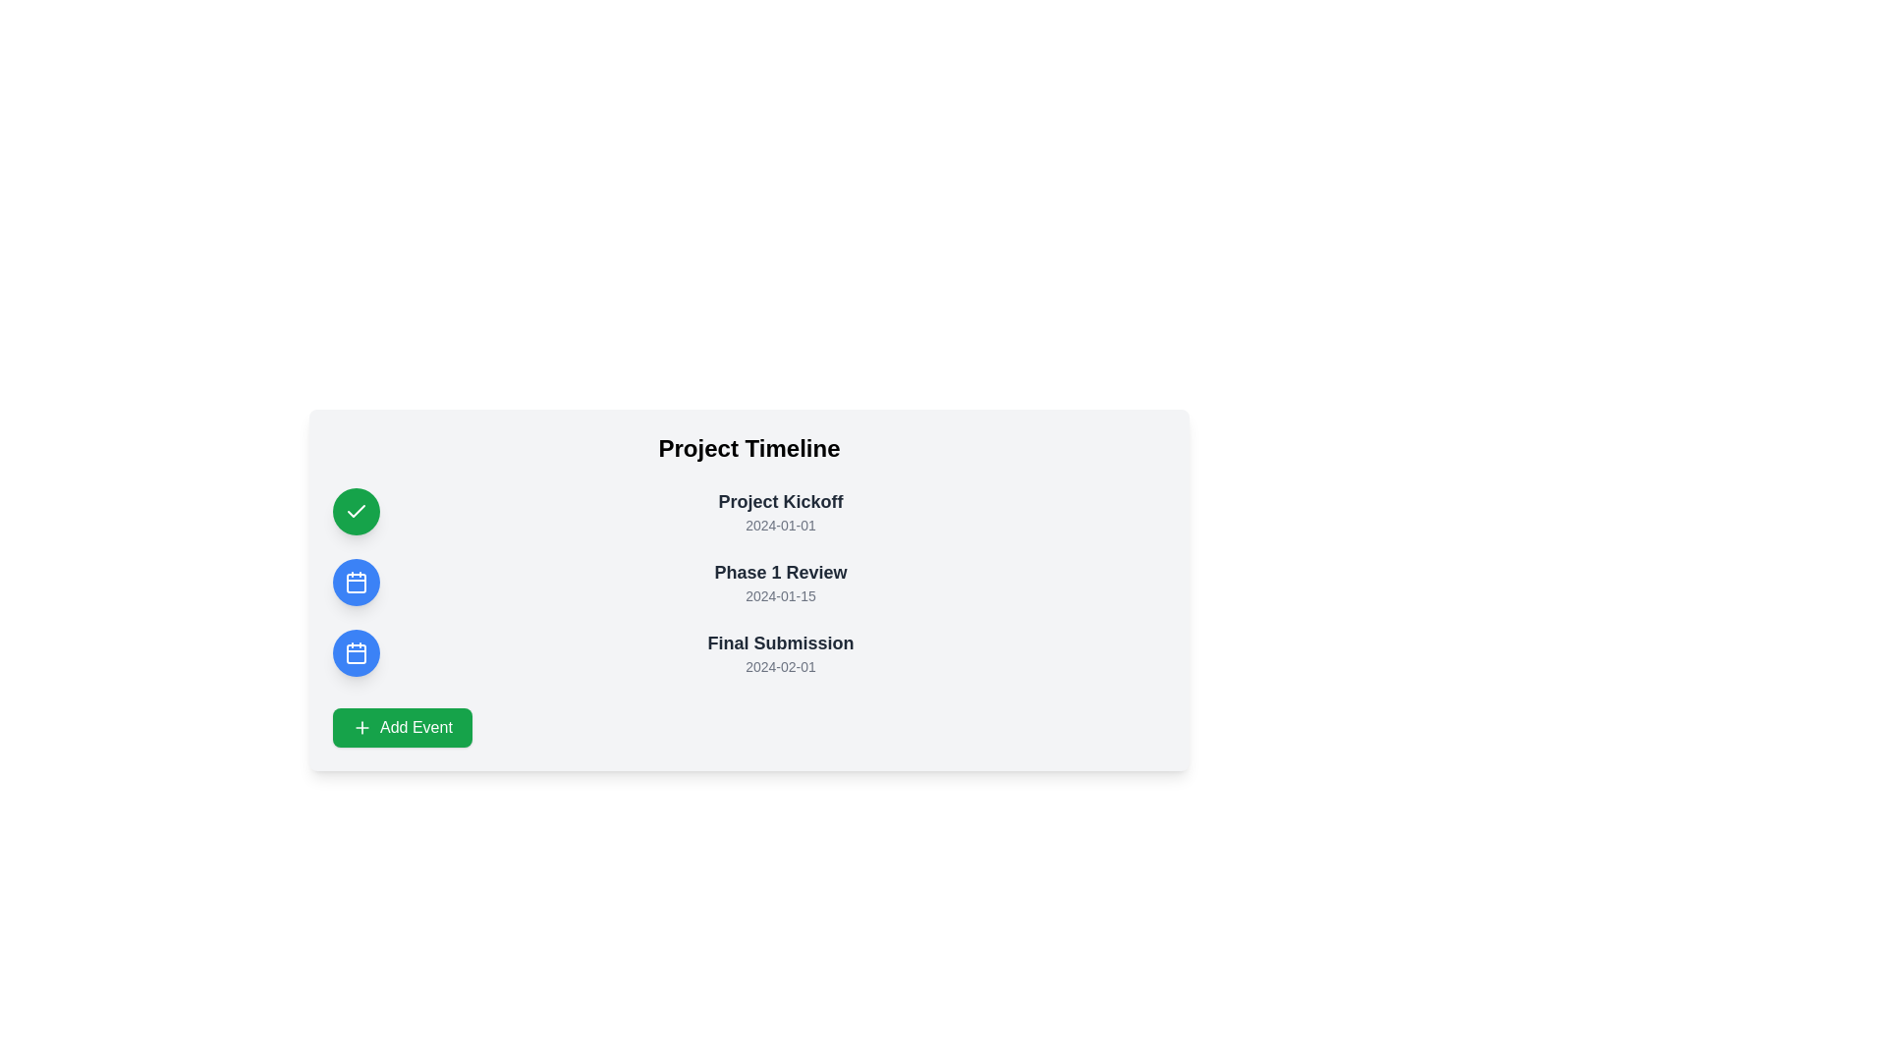  I want to click on the 'Phase 1 Review' event, so click(749, 582).